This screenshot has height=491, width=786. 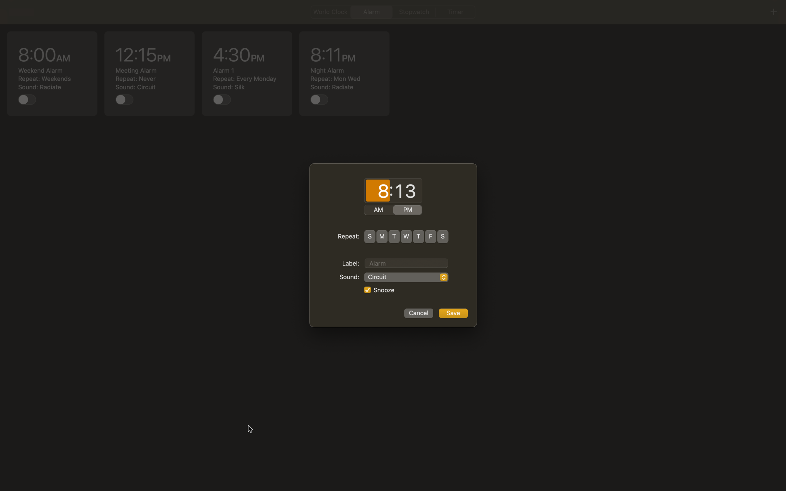 What do you see at coordinates (406, 277) in the screenshot?
I see `Pick "Rock Music" as the sound option` at bounding box center [406, 277].